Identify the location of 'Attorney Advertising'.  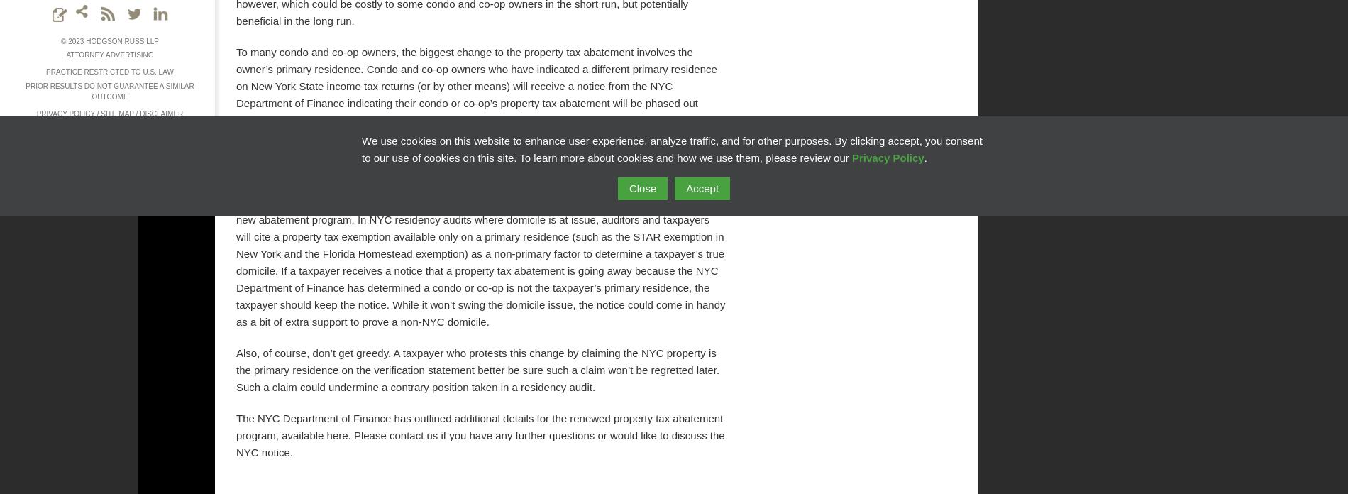
(109, 55).